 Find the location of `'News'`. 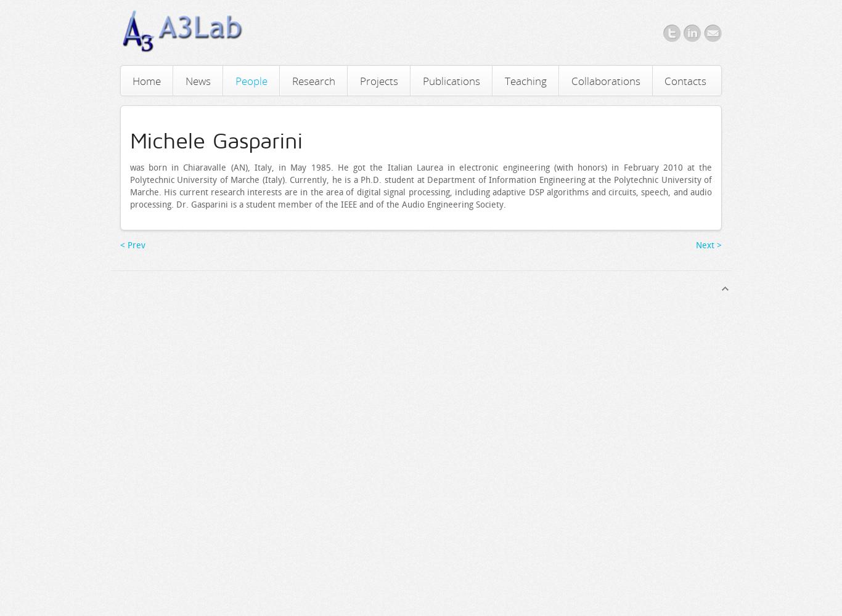

'News' is located at coordinates (184, 81).